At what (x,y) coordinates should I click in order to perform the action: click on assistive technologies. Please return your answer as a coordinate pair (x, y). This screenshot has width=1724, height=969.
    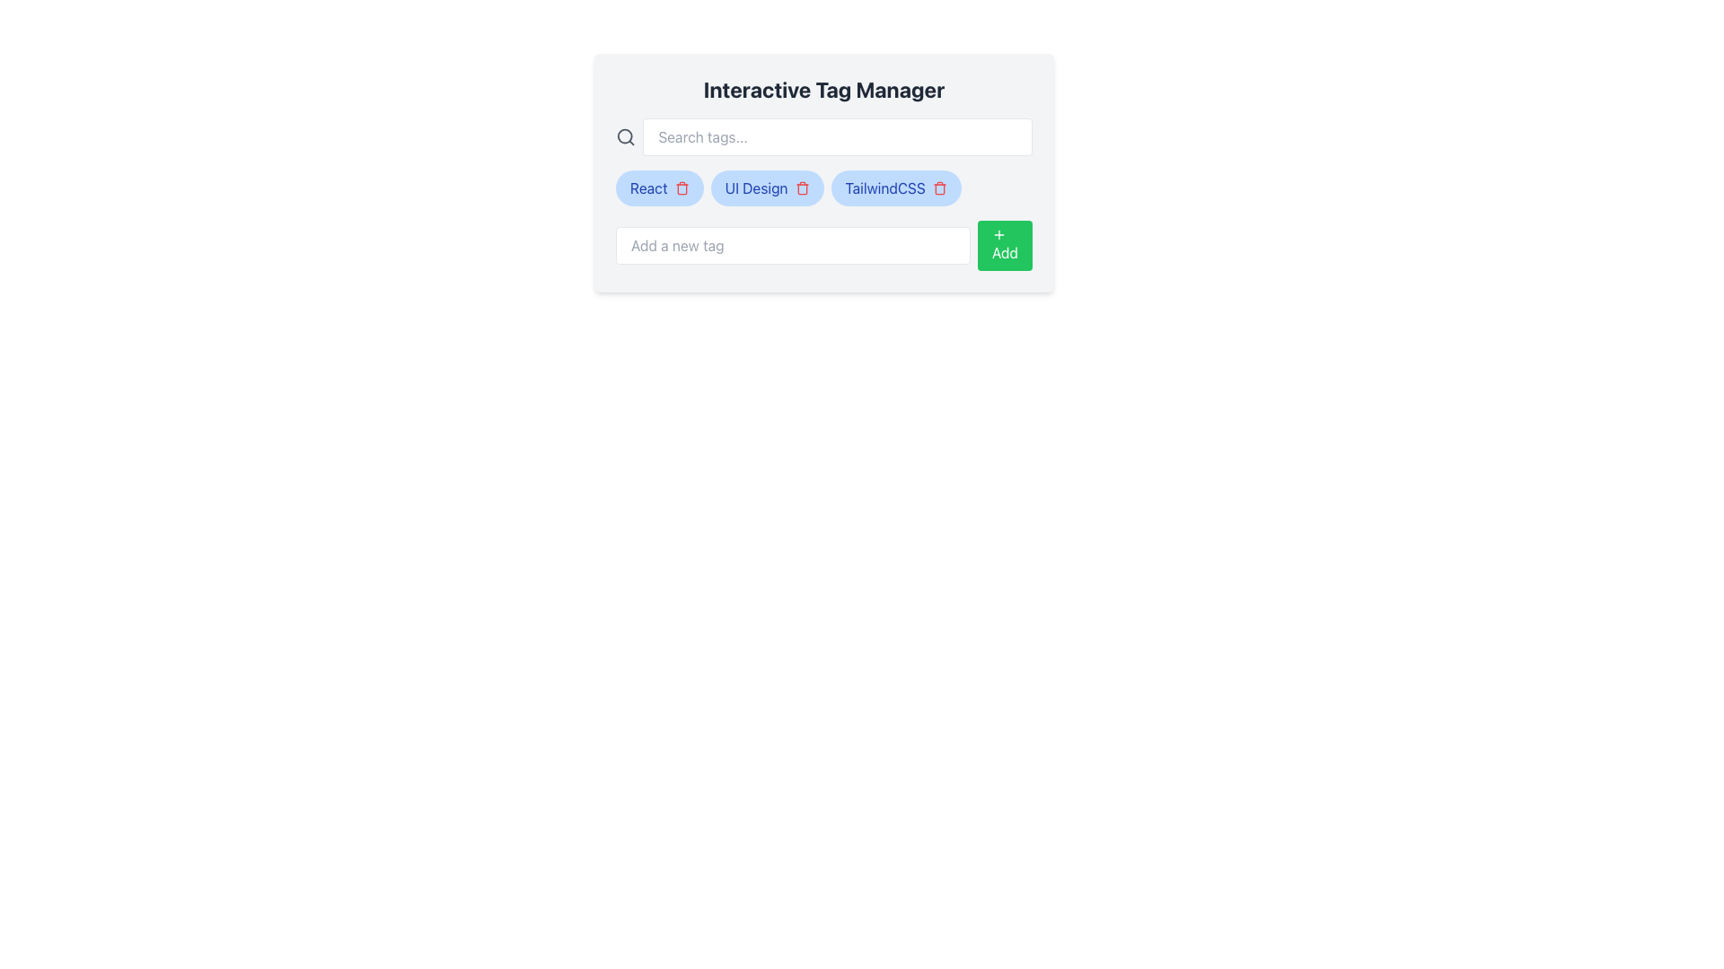
    Looking at the image, I should click on (756, 188).